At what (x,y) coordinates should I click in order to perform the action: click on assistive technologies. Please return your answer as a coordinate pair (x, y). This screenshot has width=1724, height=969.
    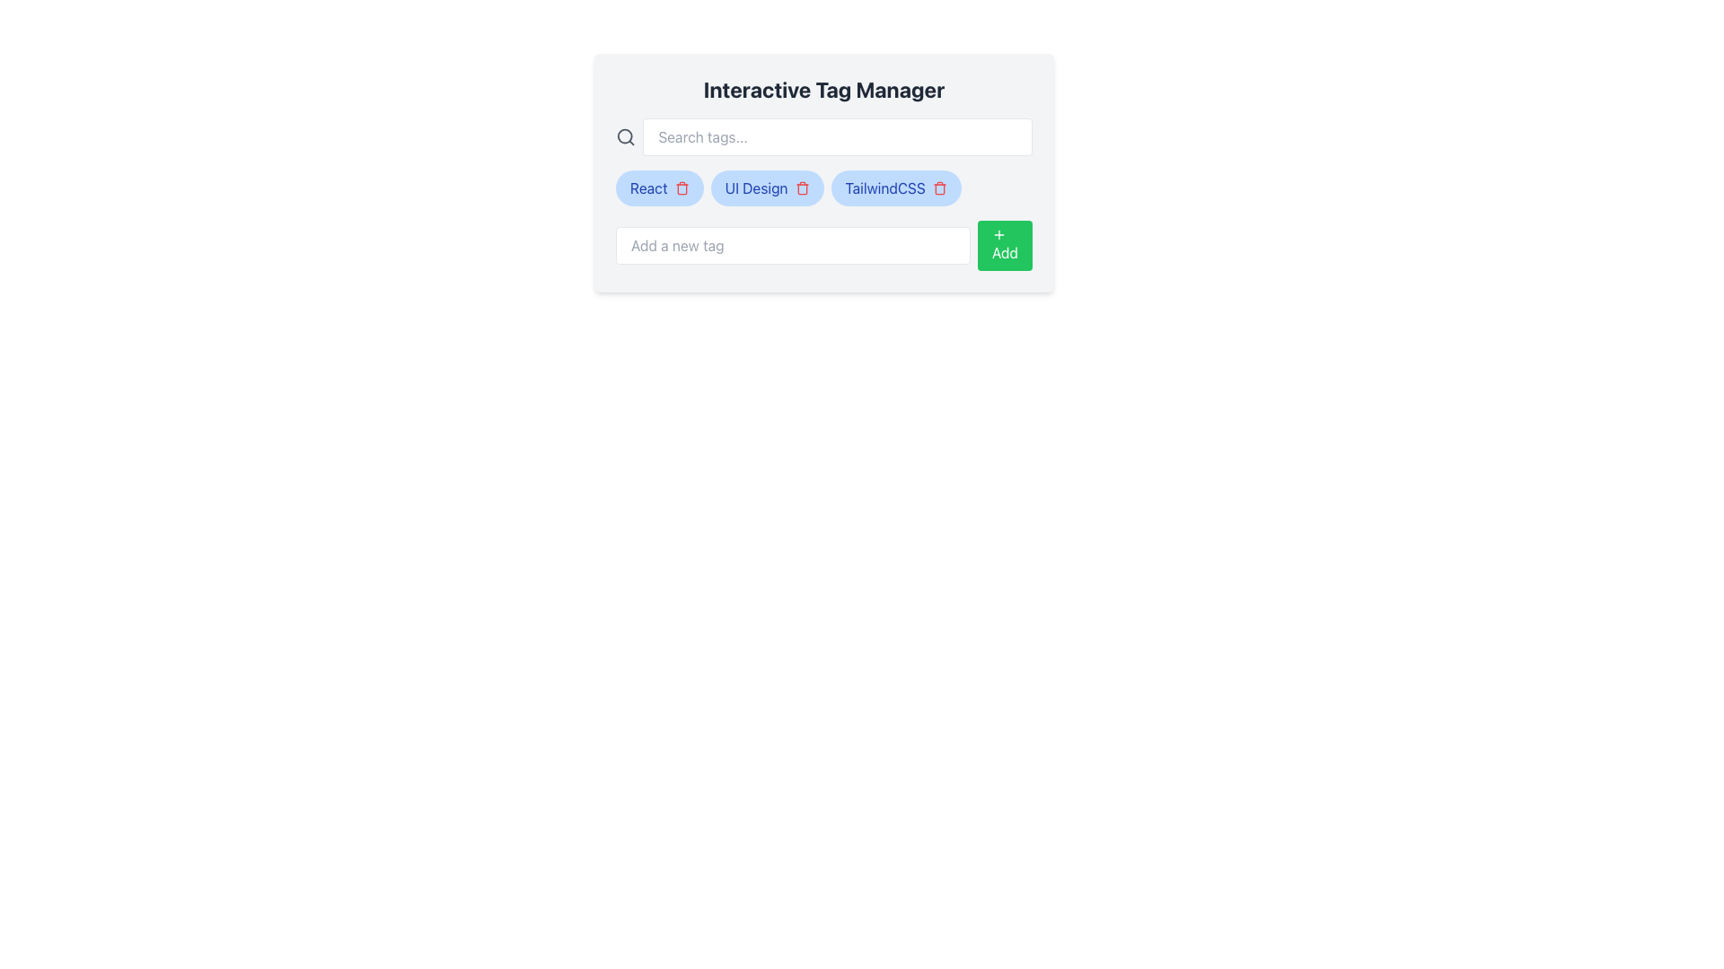
    Looking at the image, I should click on (756, 188).